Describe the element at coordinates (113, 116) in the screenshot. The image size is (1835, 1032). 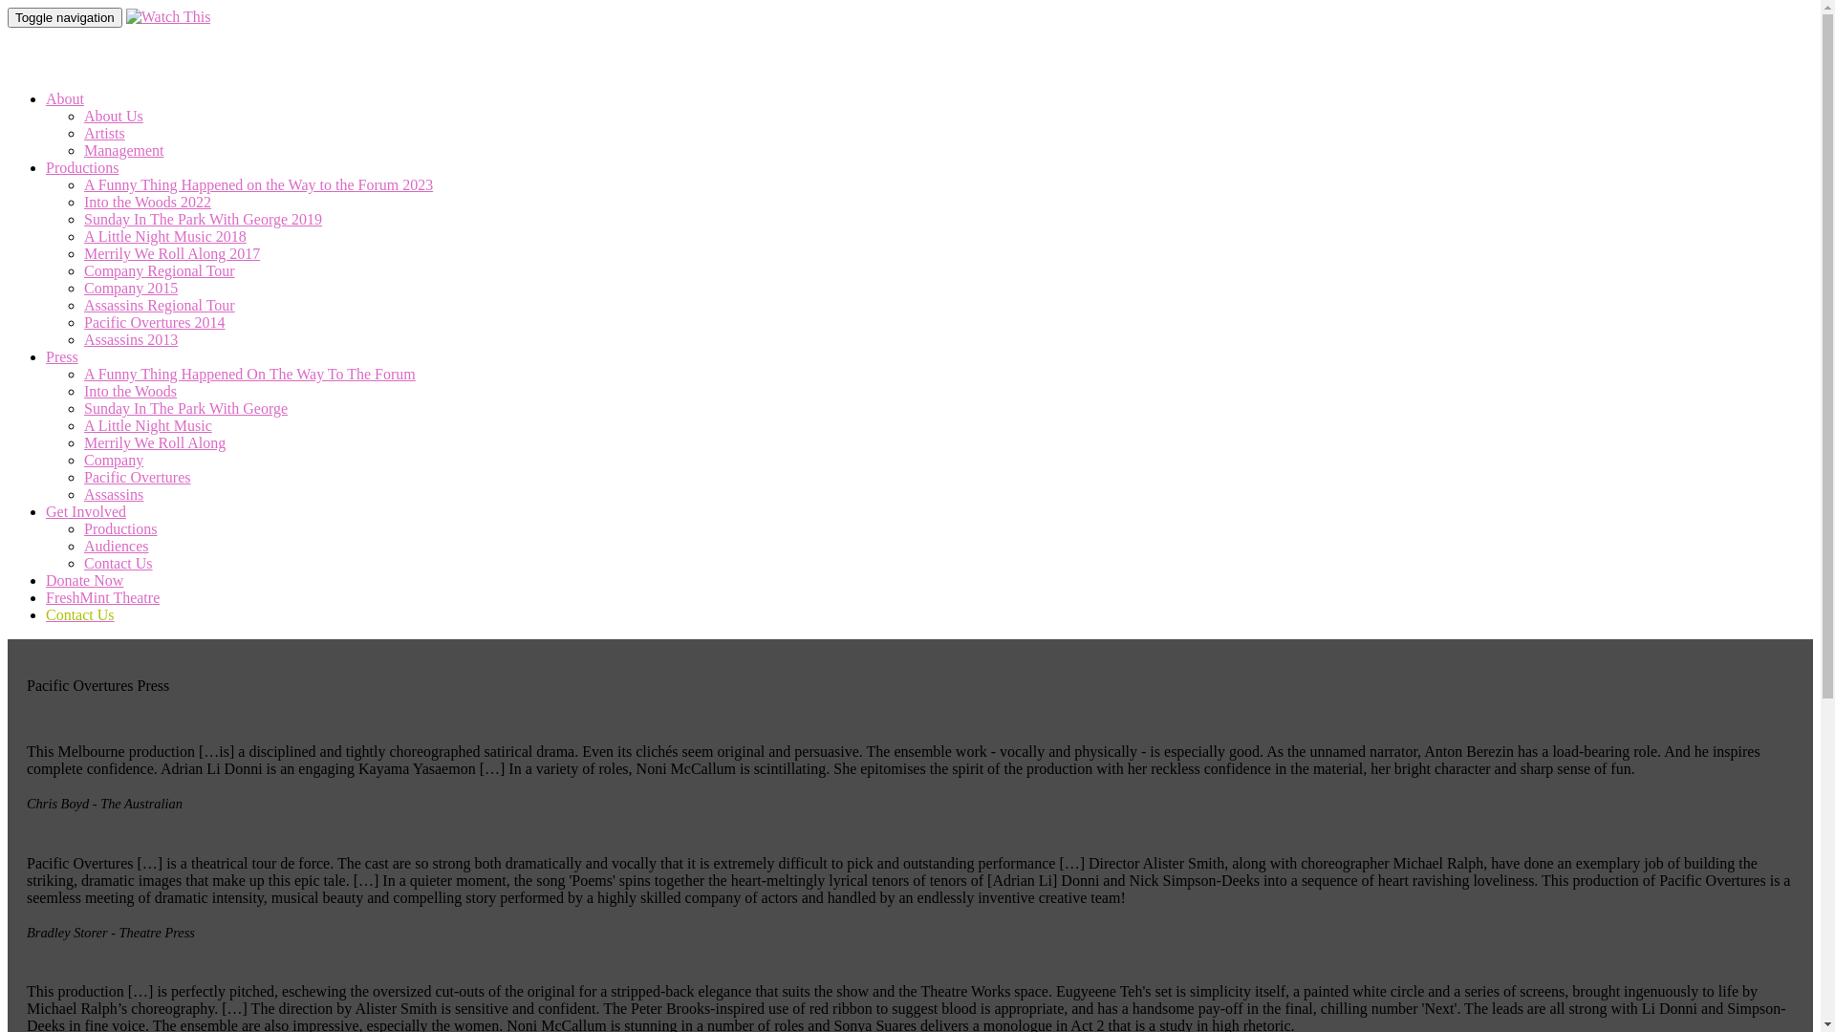
I see `'About Us'` at that location.